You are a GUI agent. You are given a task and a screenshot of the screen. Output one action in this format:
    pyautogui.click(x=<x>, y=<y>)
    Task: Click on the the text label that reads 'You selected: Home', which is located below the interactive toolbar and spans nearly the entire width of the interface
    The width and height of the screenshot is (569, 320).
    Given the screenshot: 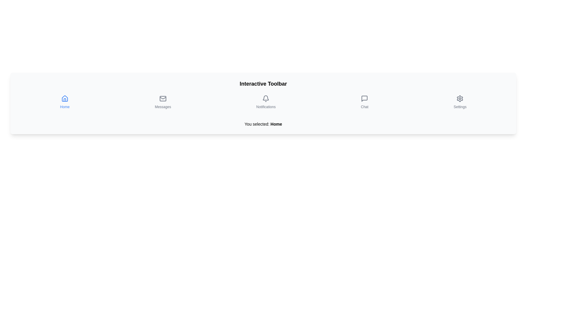 What is the action you would take?
    pyautogui.click(x=263, y=124)
    